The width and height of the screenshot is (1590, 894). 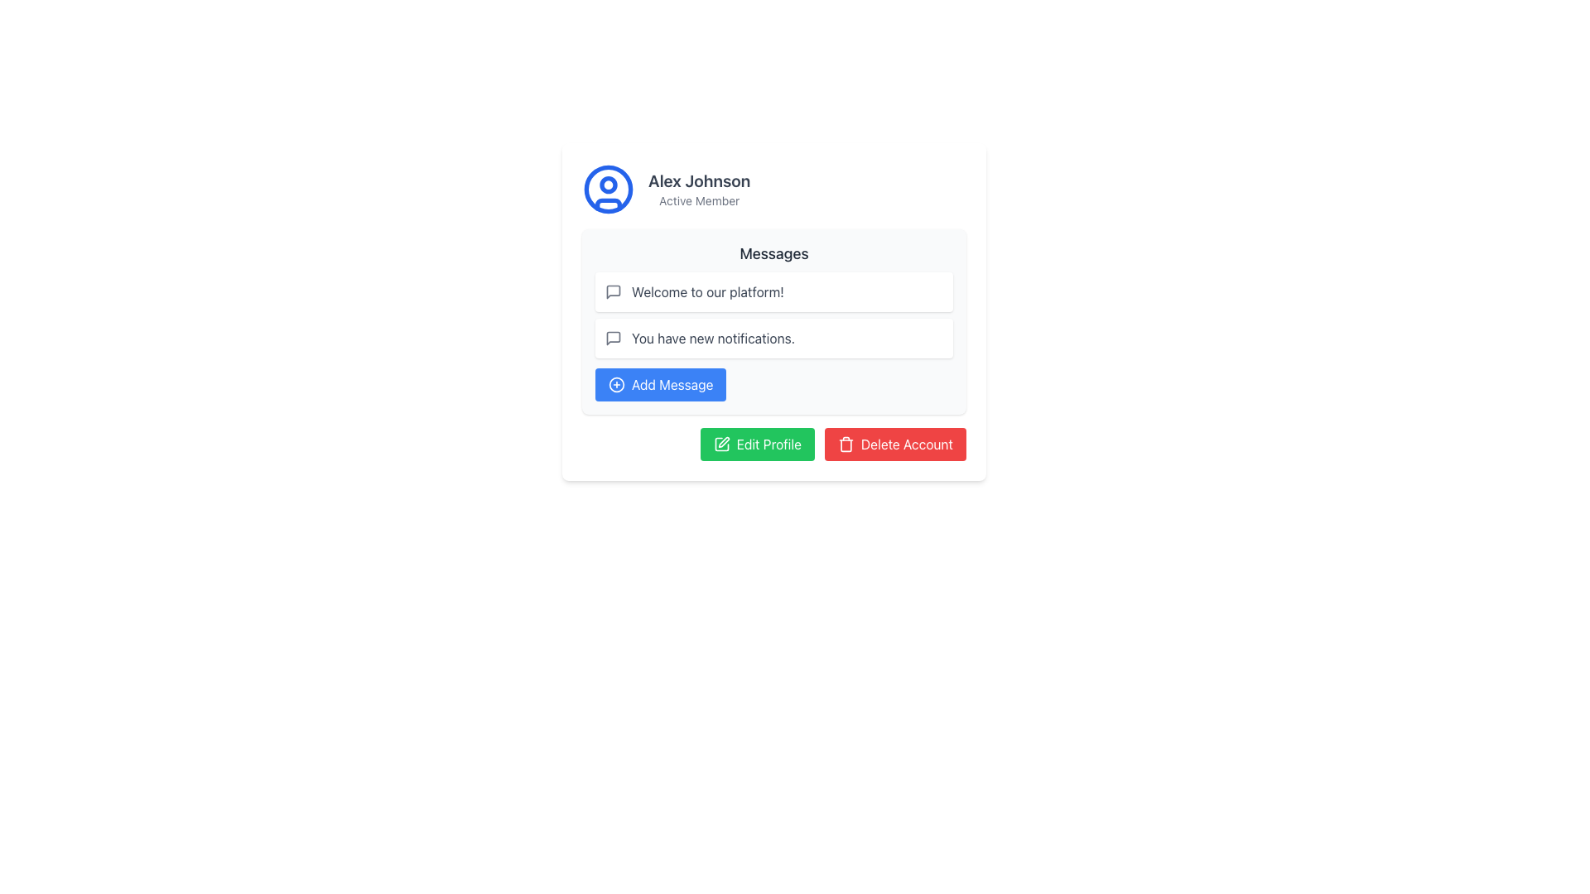 I want to click on the User Profile Display that shows the user's name and membership status, positioned at the top of the card layout, so click(x=773, y=188).